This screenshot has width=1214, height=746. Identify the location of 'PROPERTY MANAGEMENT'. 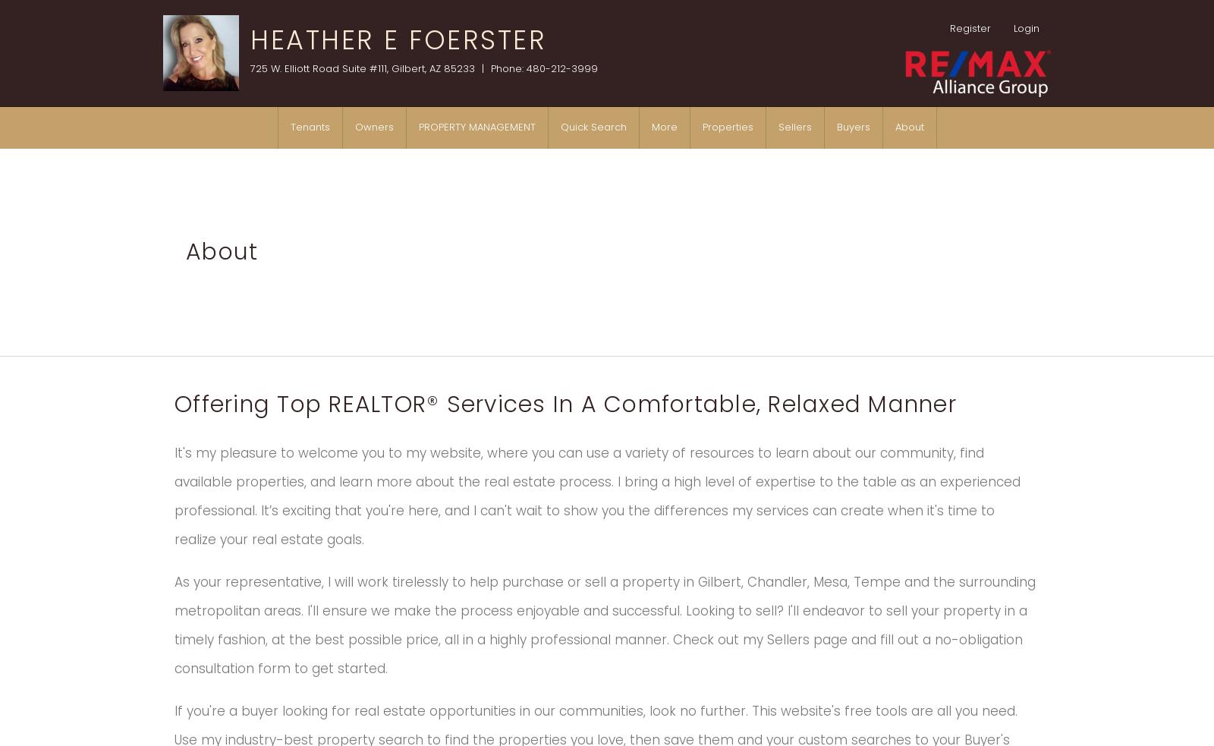
(476, 127).